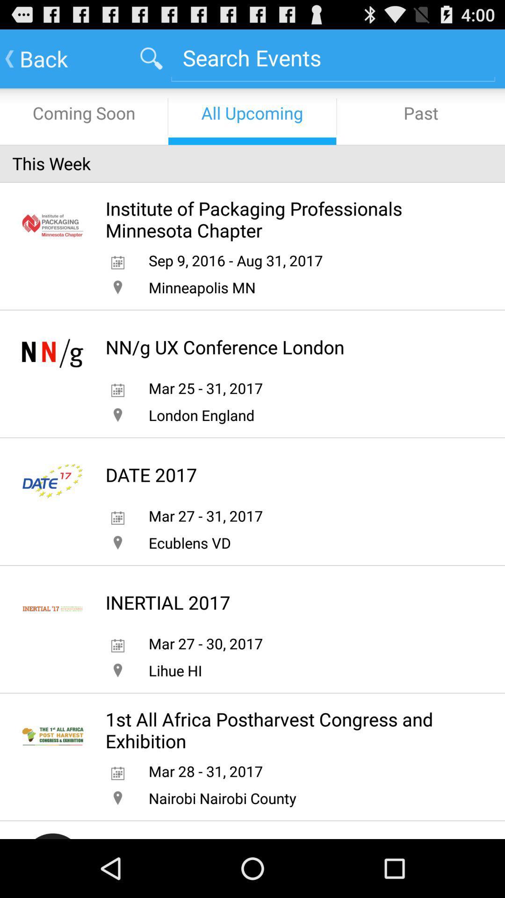 This screenshot has height=898, width=505. Describe the element at coordinates (332, 57) in the screenshot. I see `search for events` at that location.